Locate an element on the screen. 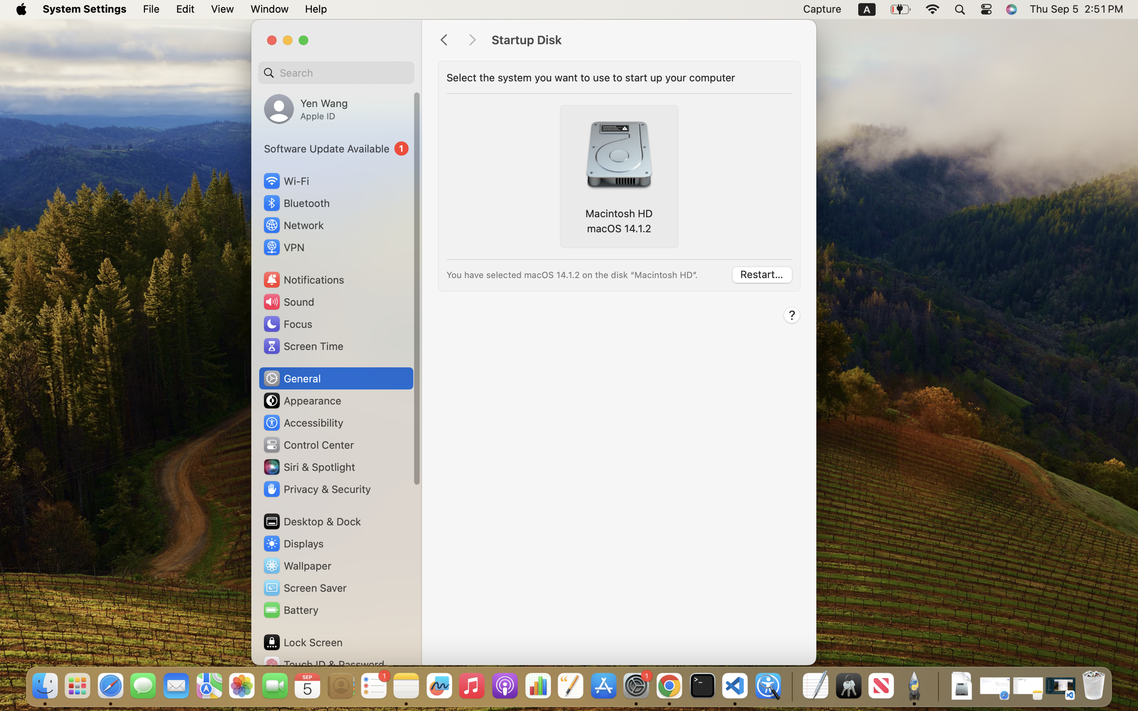  'Displays' is located at coordinates (293, 543).